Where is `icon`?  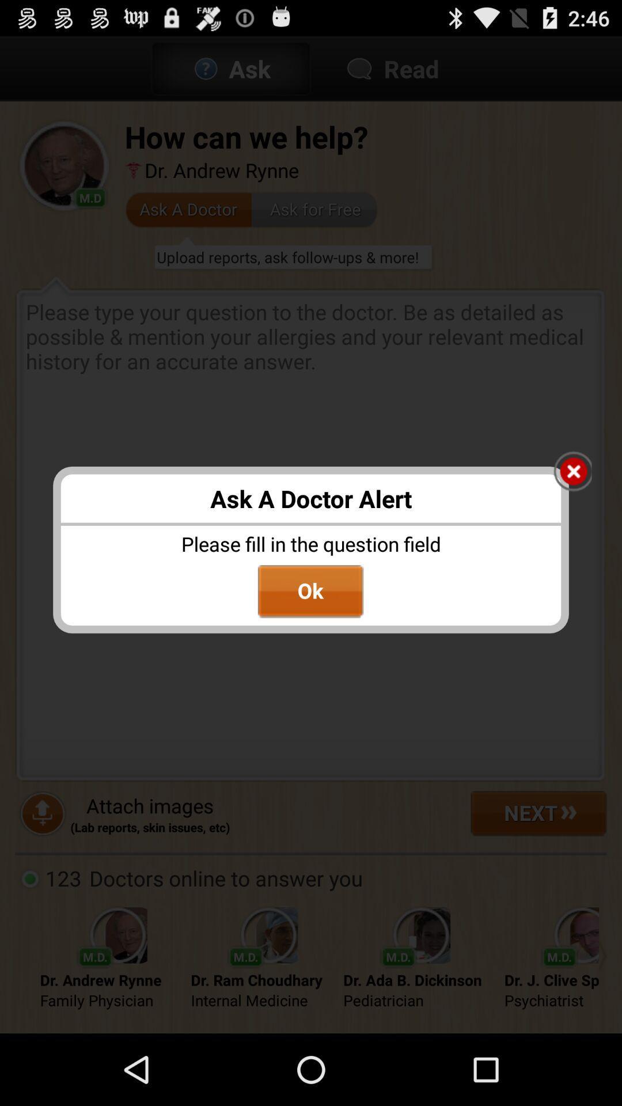 icon is located at coordinates (572, 472).